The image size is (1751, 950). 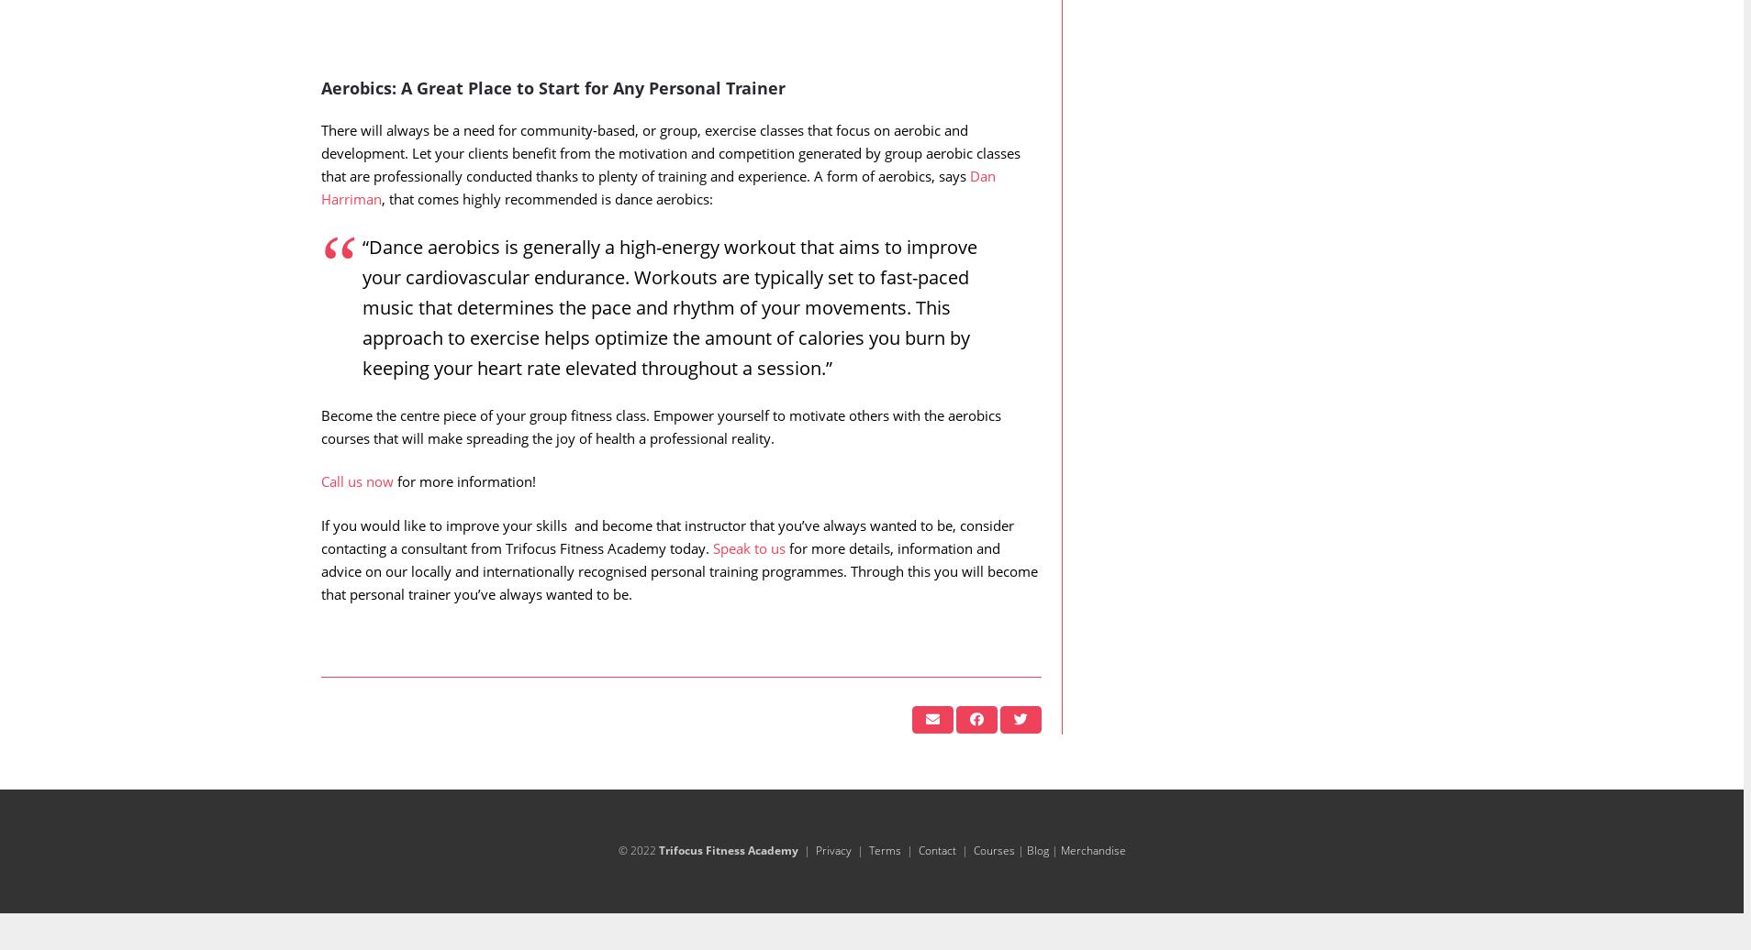 I want to click on 'Terms', so click(x=867, y=887).